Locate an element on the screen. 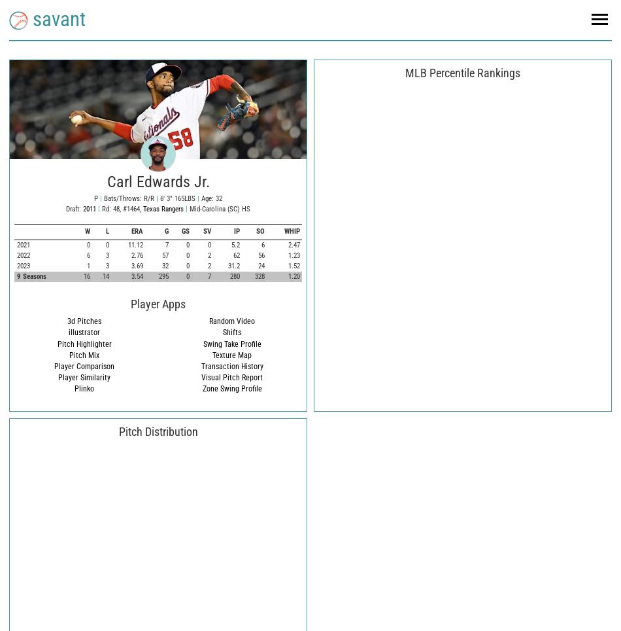  '24' is located at coordinates (260, 264).